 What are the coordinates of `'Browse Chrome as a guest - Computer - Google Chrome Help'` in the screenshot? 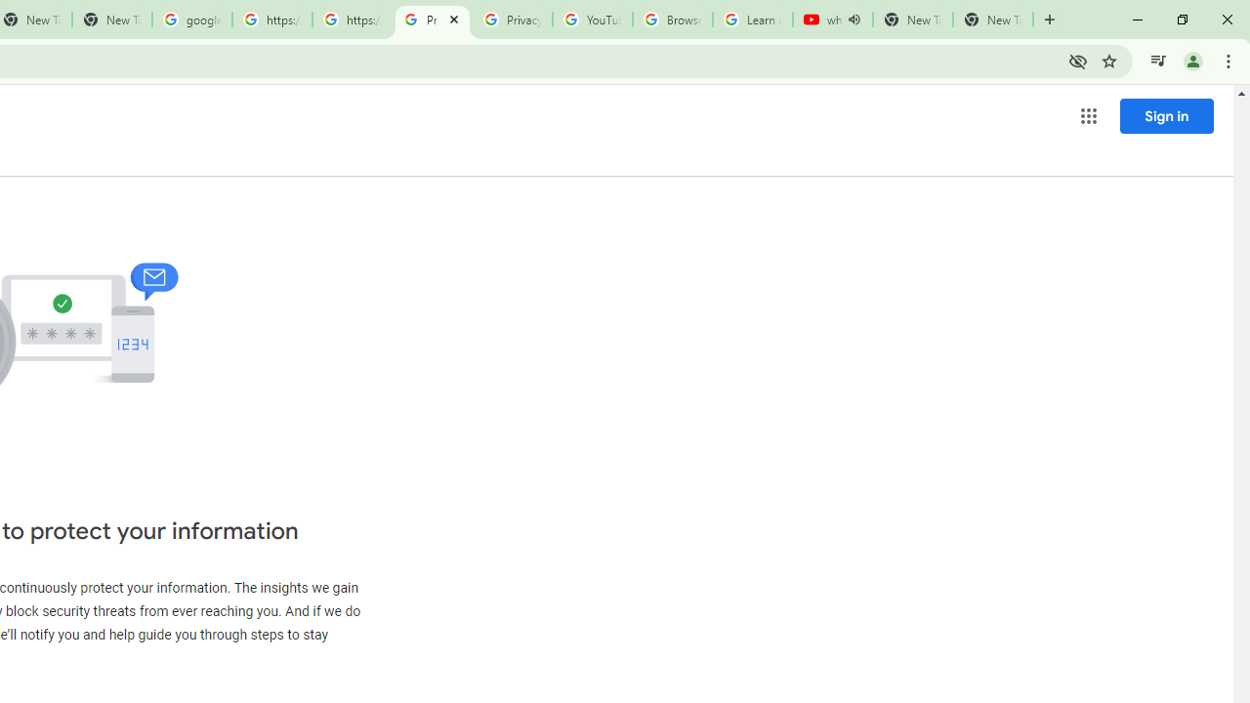 It's located at (672, 20).